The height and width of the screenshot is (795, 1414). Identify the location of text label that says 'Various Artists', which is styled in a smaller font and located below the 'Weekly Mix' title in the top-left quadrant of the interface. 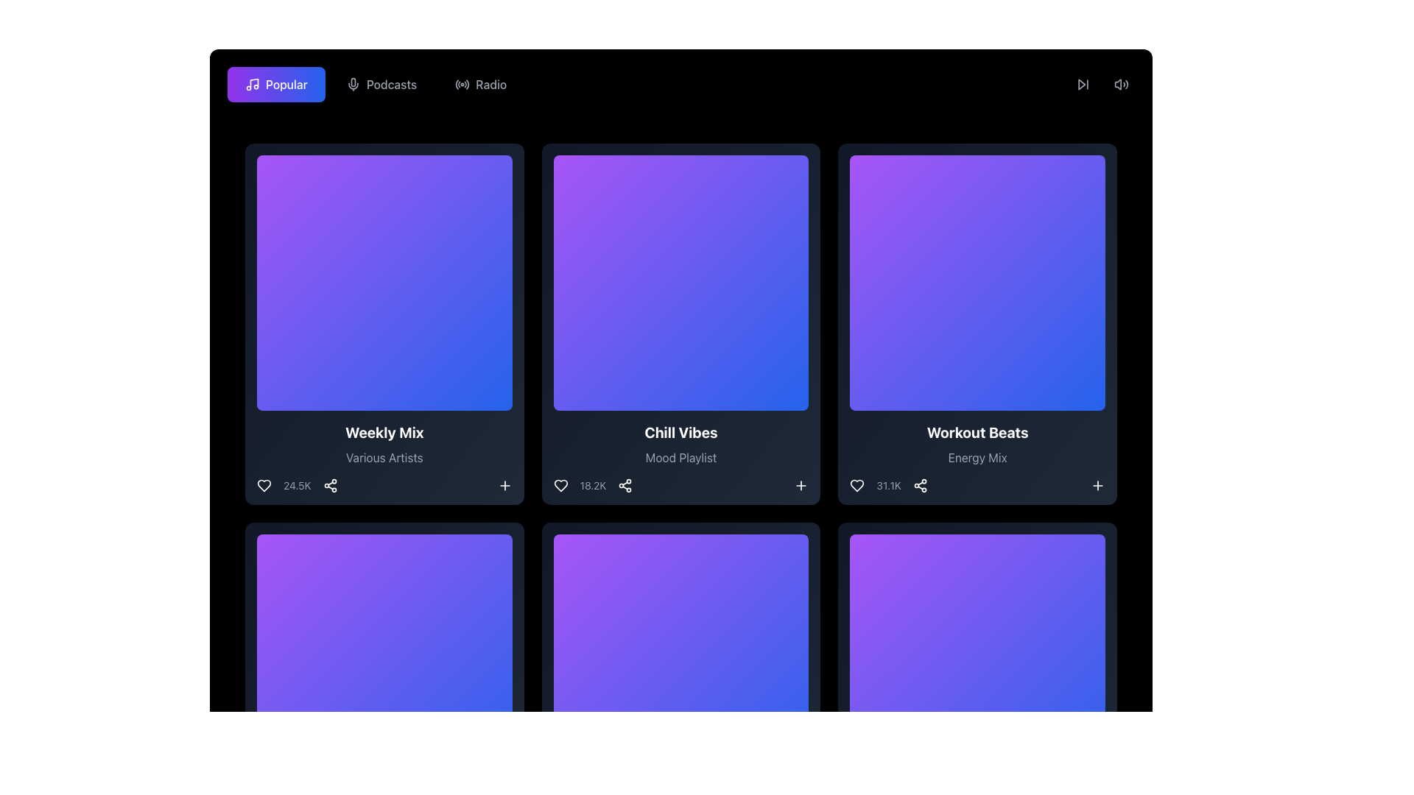
(384, 456).